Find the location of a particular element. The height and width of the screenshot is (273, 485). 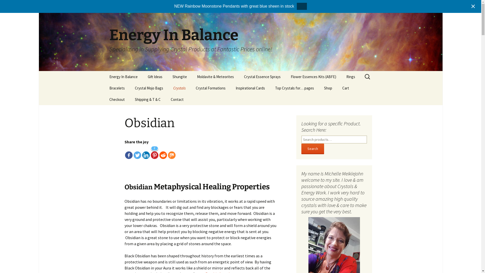

'Rings' is located at coordinates (350, 77).